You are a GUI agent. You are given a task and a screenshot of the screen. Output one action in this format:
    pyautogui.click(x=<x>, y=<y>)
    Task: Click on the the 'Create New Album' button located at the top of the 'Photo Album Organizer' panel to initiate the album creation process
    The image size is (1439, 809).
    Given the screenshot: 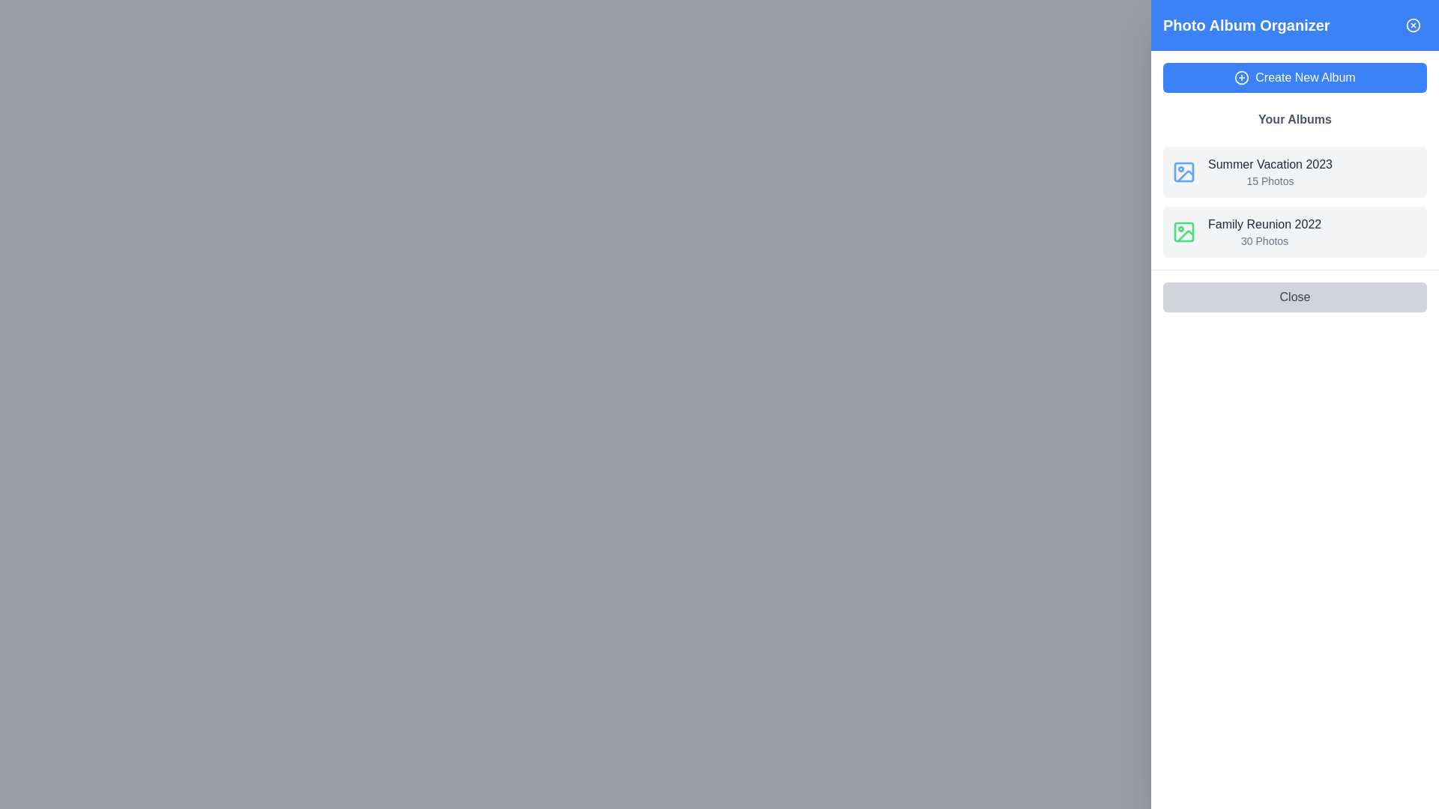 What is the action you would take?
    pyautogui.click(x=1294, y=78)
    